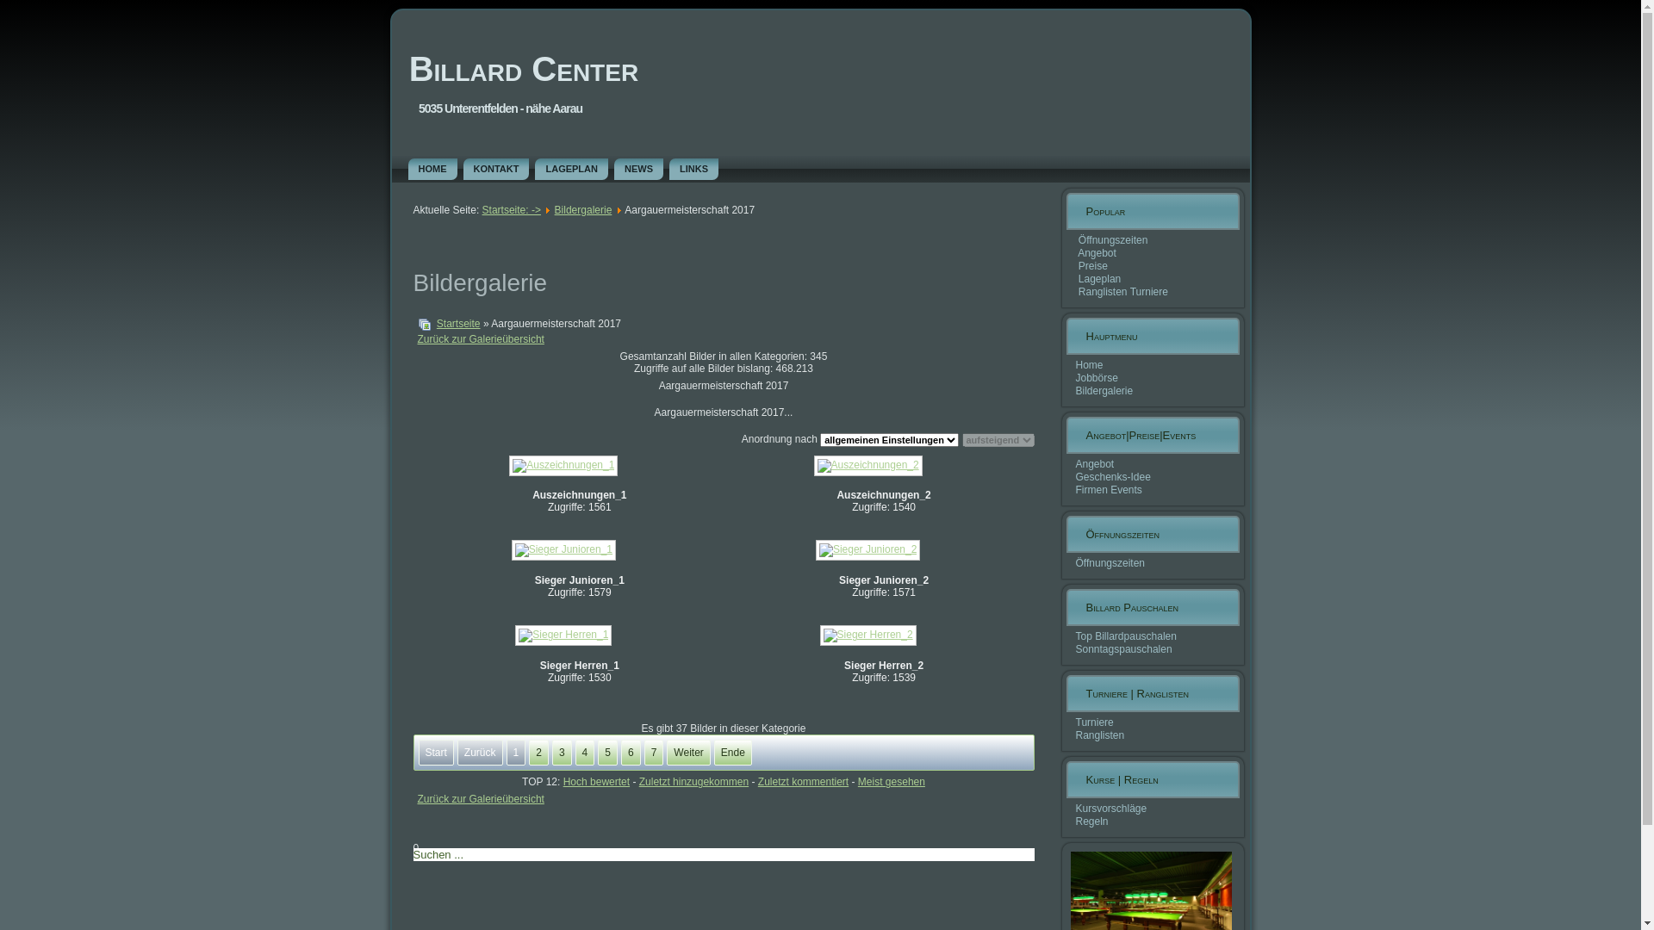 The height and width of the screenshot is (930, 1654). I want to click on 'Billard Center', so click(408, 68).